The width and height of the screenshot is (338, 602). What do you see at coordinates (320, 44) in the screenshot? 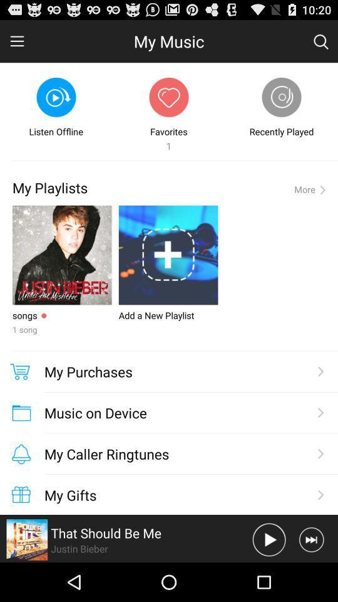
I see `the search icon` at bounding box center [320, 44].